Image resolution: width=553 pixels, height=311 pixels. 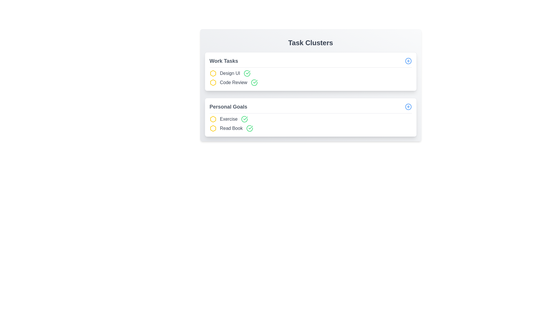 What do you see at coordinates (213, 73) in the screenshot?
I see `the icon associated with Design UI` at bounding box center [213, 73].